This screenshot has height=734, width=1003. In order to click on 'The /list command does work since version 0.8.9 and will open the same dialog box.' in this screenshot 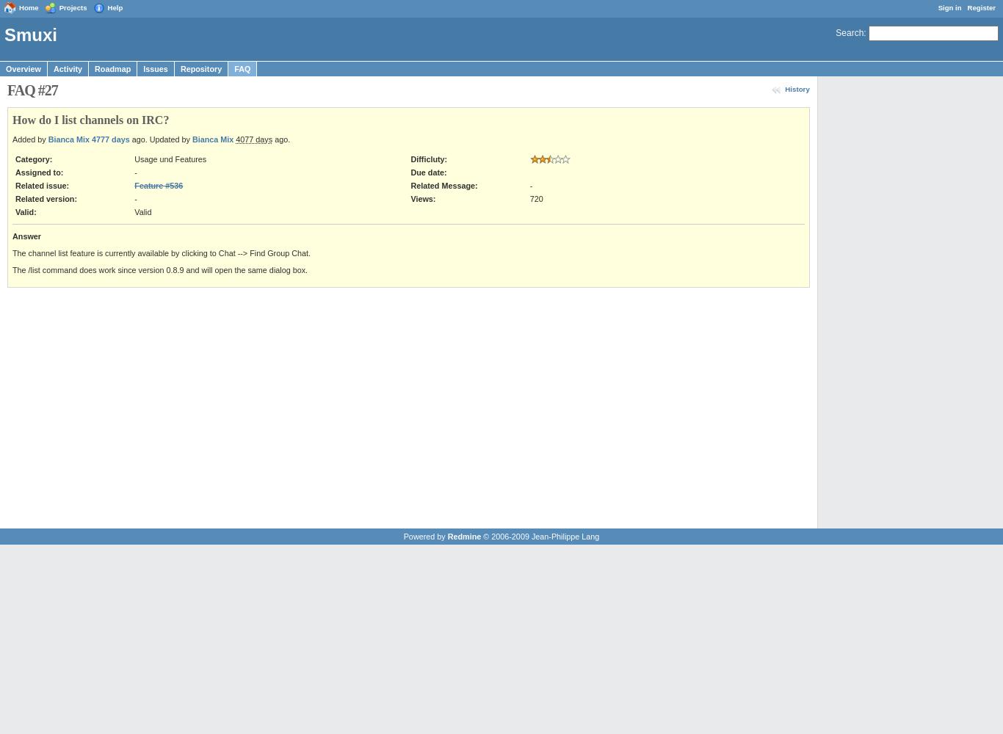, I will do `click(159, 269)`.